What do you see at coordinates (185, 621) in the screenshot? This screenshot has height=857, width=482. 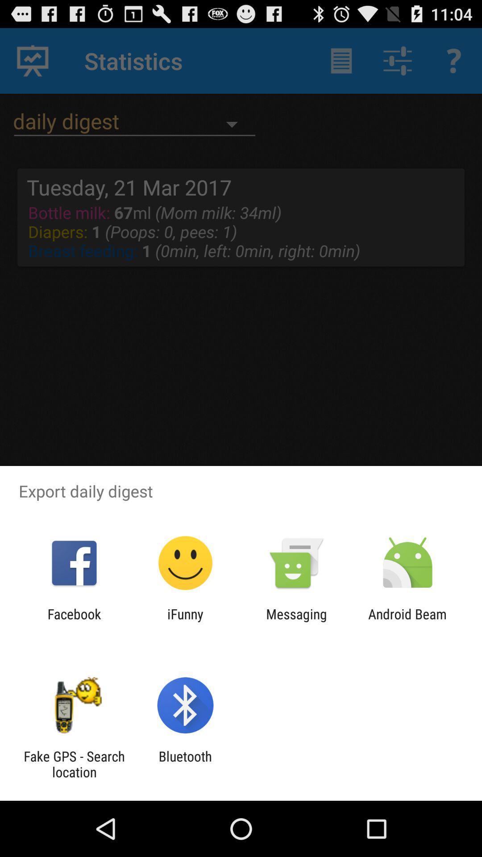 I see `the ifunny icon` at bounding box center [185, 621].